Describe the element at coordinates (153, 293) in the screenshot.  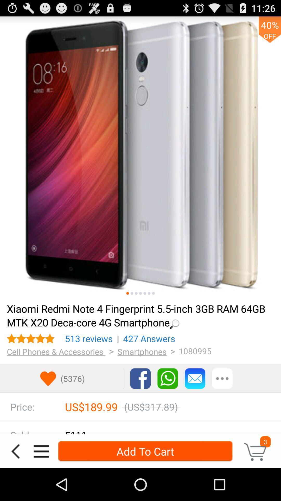
I see `the item above loading... icon` at that location.